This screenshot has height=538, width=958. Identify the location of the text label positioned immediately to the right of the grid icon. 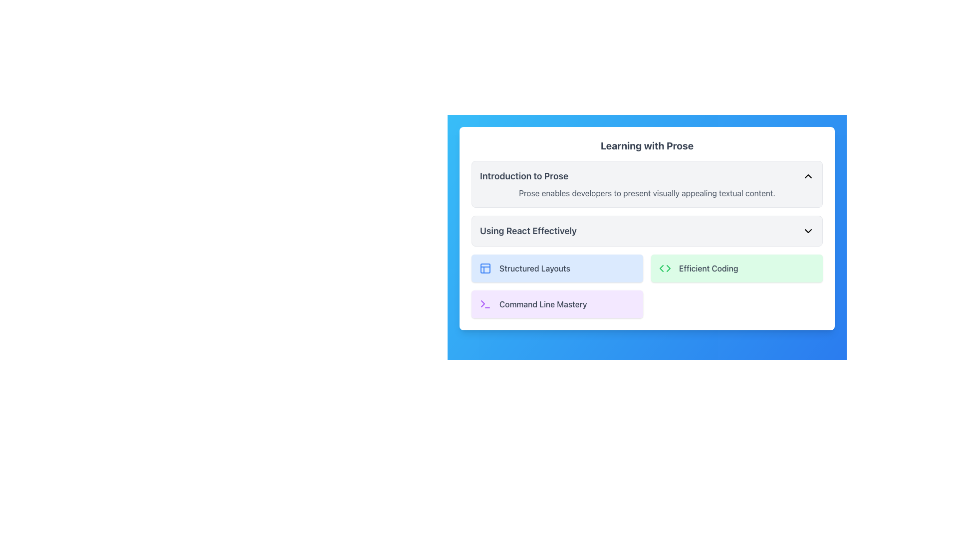
(534, 268).